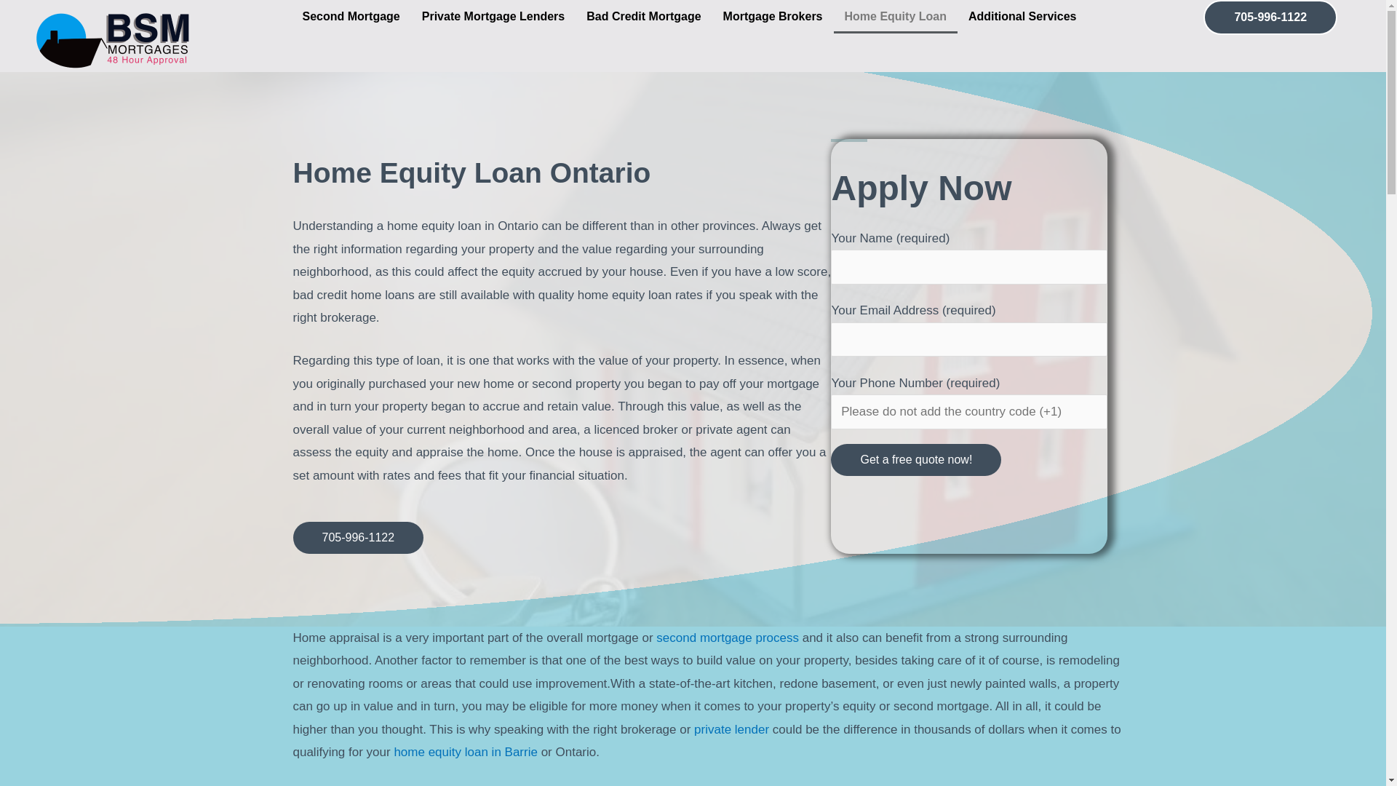 This screenshot has width=1397, height=786. Describe the element at coordinates (357, 538) in the screenshot. I see `'705-996-1122'` at that location.